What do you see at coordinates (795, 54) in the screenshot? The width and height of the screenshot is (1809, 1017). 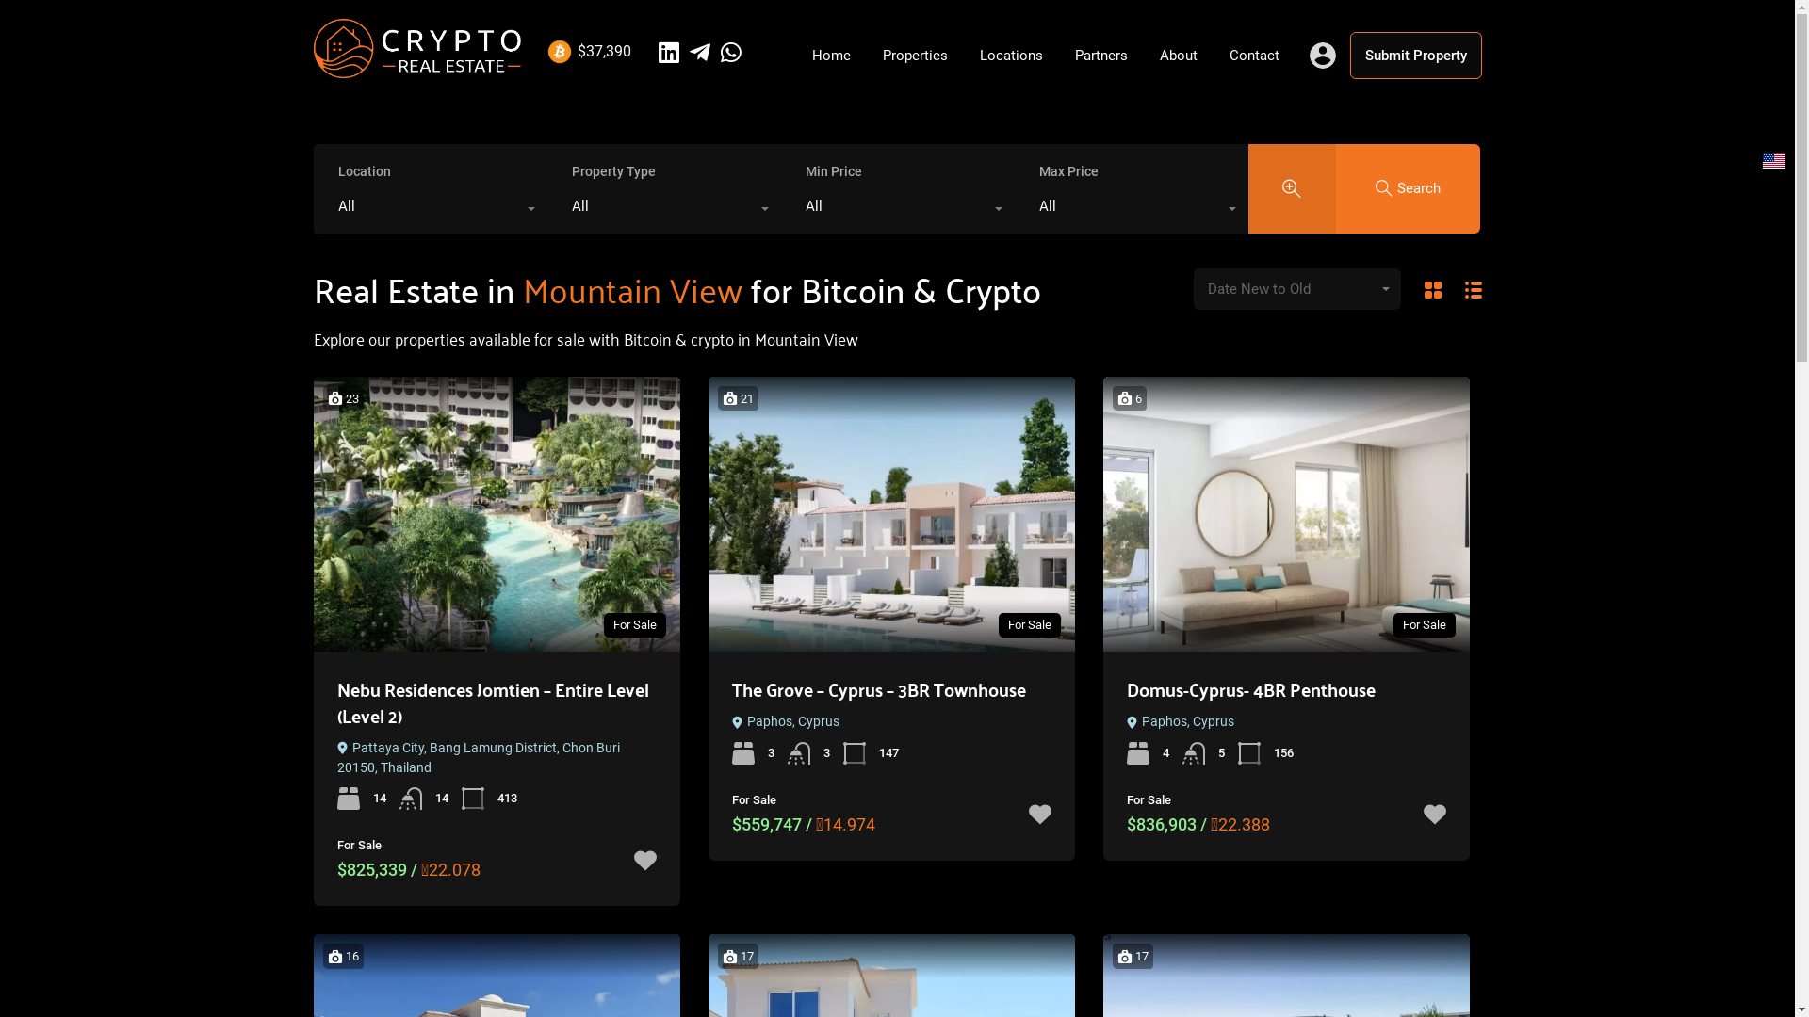 I see `'Home'` at bounding box center [795, 54].